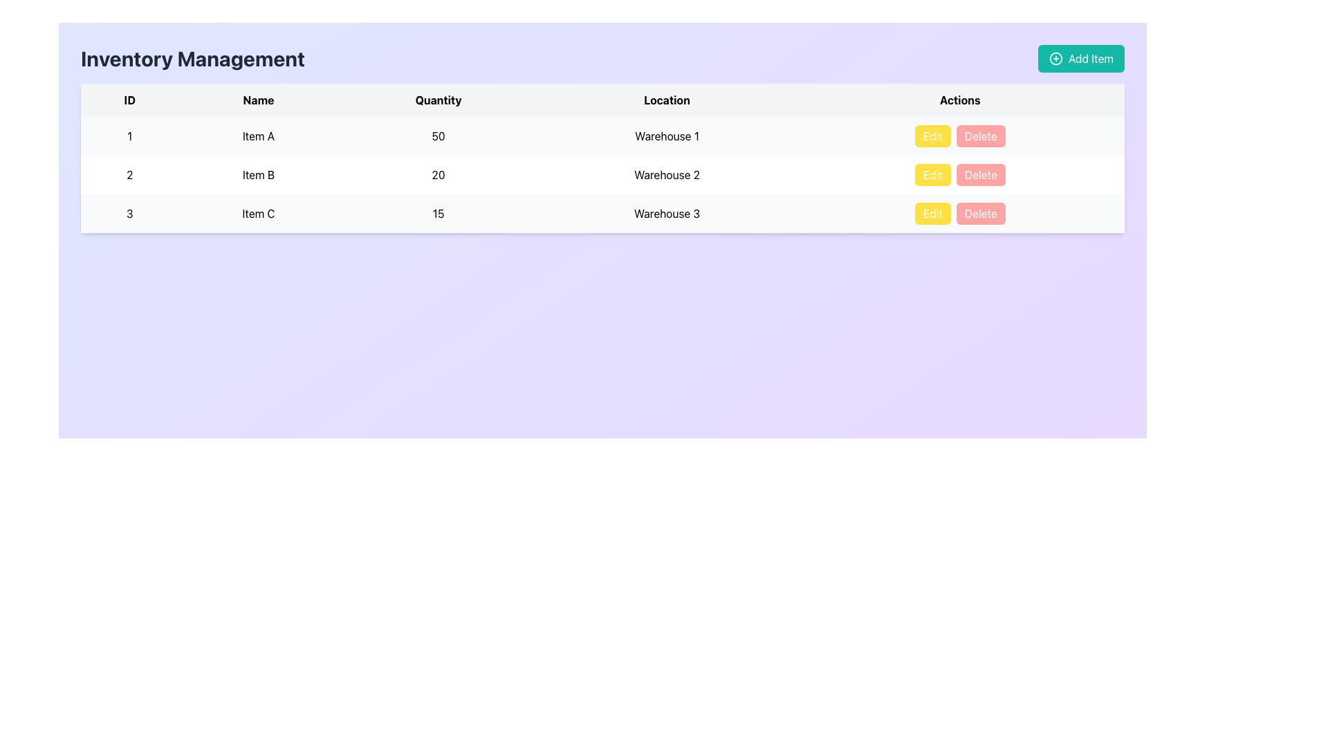 The height and width of the screenshot is (747, 1328). I want to click on the red 'Delete' button in the button group aligned with 'Item B' located in the last column labeled 'Actions', so click(959, 174).